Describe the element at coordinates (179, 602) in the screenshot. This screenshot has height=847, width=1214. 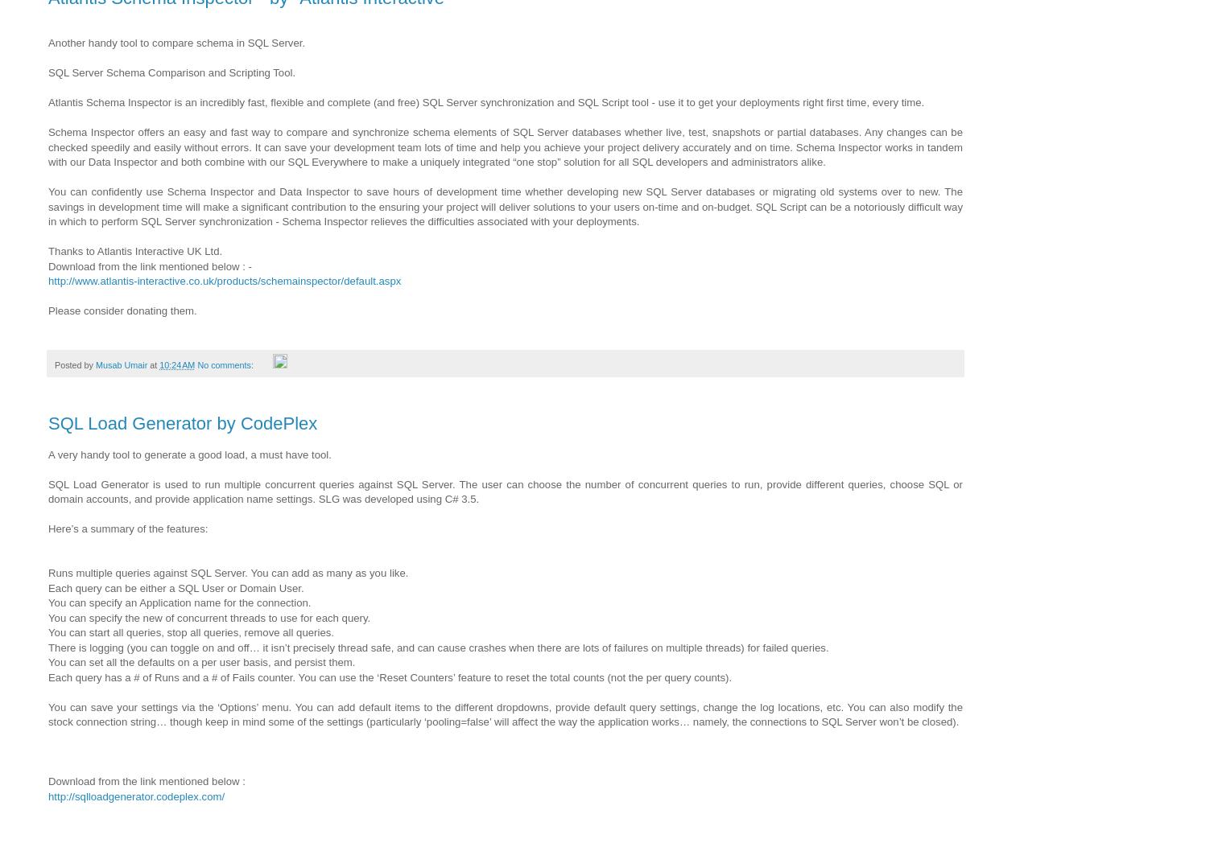
I see `'You can specify an Application name for the connection.'` at that location.